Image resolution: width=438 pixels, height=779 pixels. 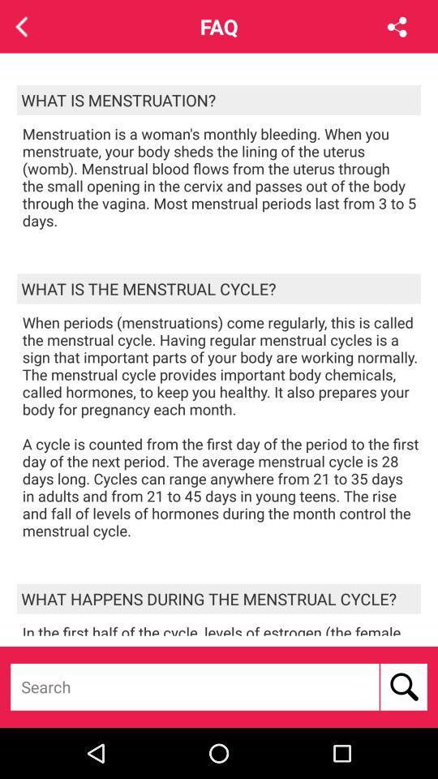 What do you see at coordinates (397, 28) in the screenshot?
I see `the share icon` at bounding box center [397, 28].